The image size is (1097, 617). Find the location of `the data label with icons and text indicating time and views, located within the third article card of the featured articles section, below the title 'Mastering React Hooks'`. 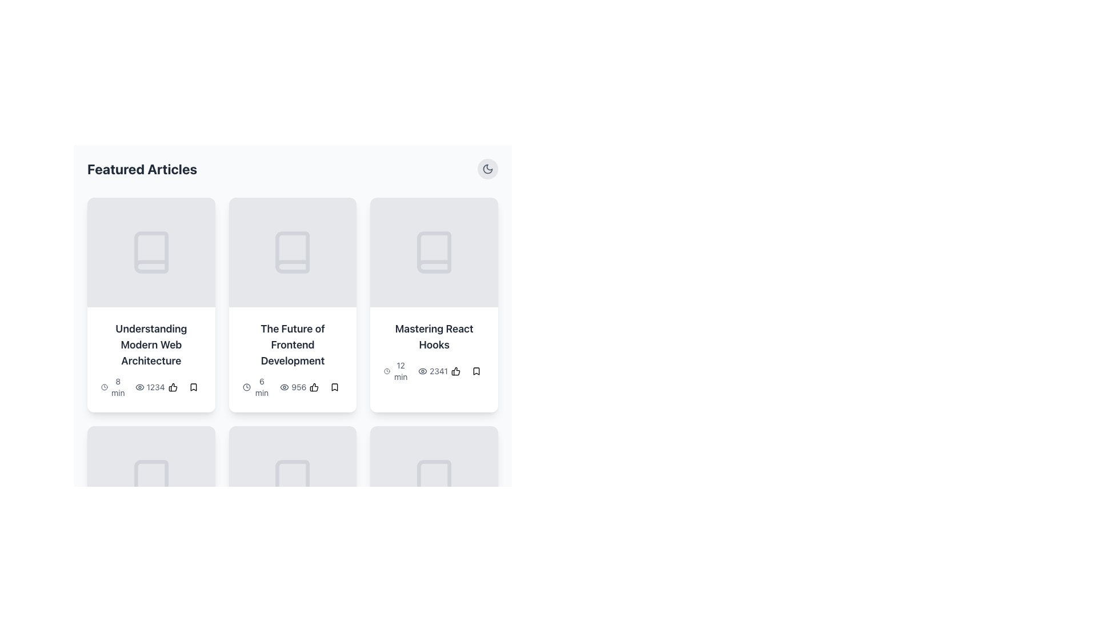

the data label with icons and text indicating time and views, located within the third article card of the featured articles section, below the title 'Mastering React Hooks' is located at coordinates (415, 371).